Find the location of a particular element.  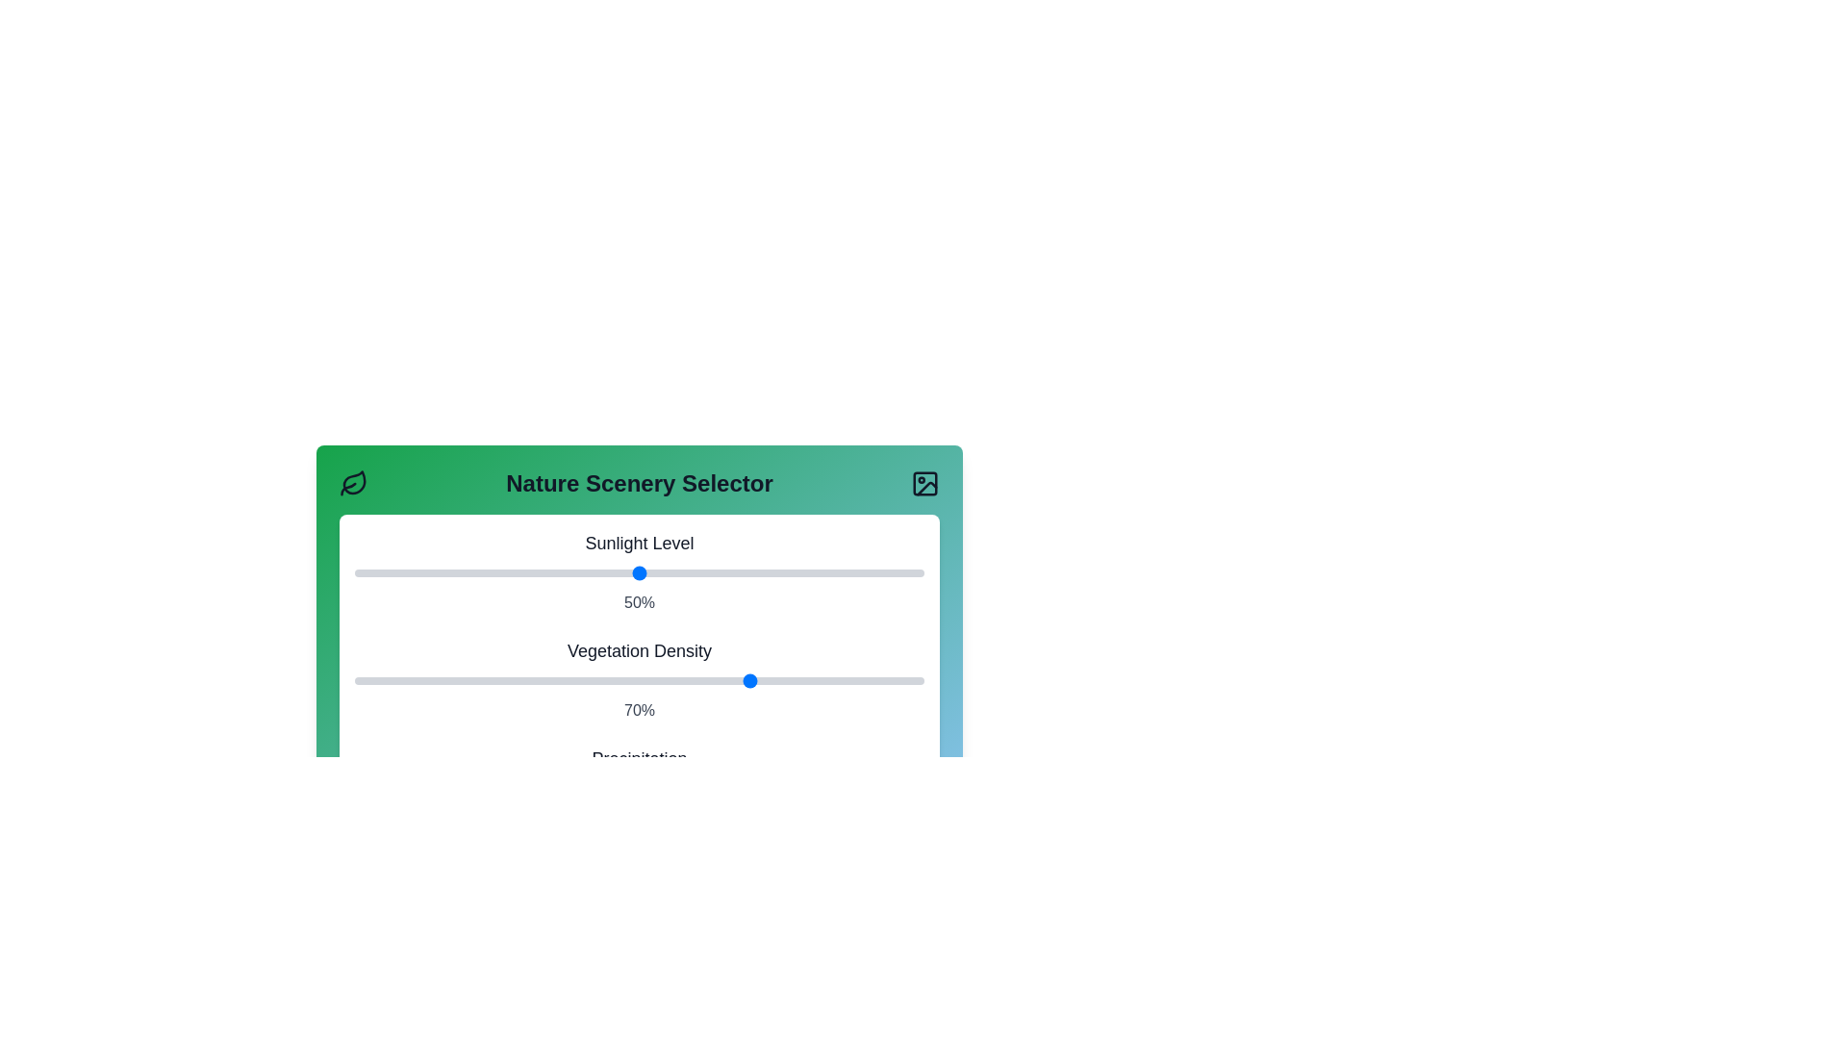

the Vegetation Density slider to set its value to 51 is located at coordinates (645, 680).